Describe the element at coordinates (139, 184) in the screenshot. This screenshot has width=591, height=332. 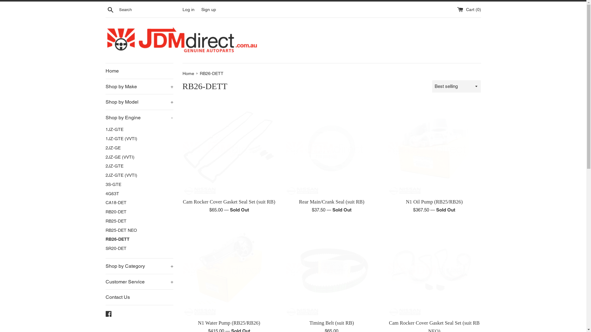
I see `'3S-GTE'` at that location.